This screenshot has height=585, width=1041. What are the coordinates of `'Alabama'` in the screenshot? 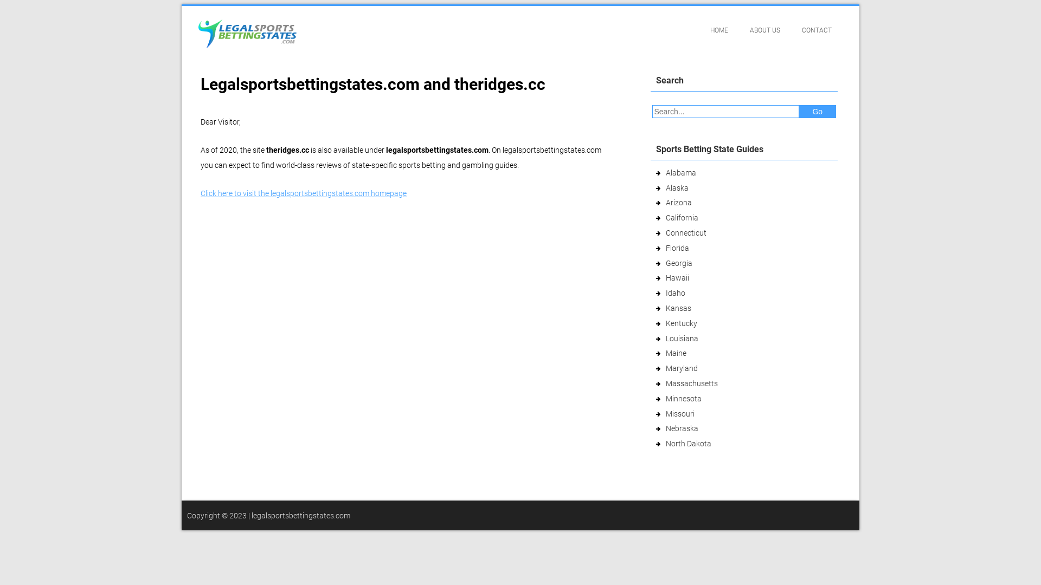 It's located at (680, 172).